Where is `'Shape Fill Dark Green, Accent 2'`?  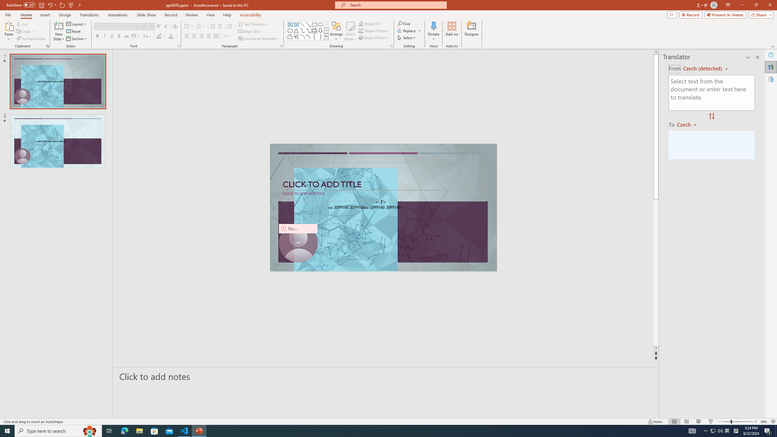
'Shape Fill Dark Green, Accent 2' is located at coordinates (361, 23).